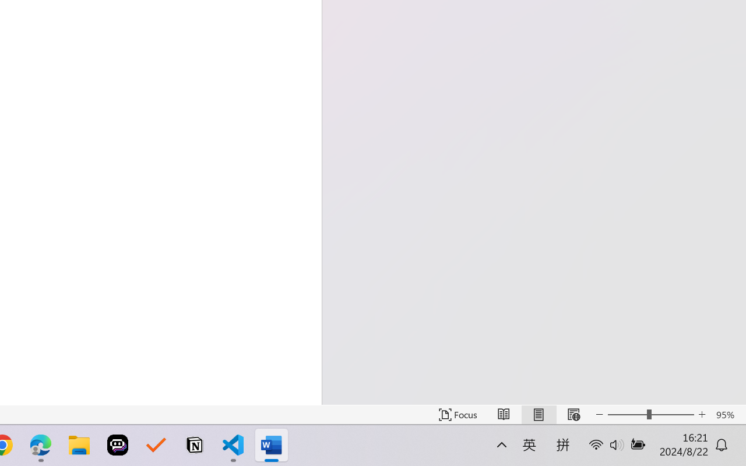 This screenshot has width=746, height=466. What do you see at coordinates (727, 414) in the screenshot?
I see `'Zoom 95%'` at bounding box center [727, 414].